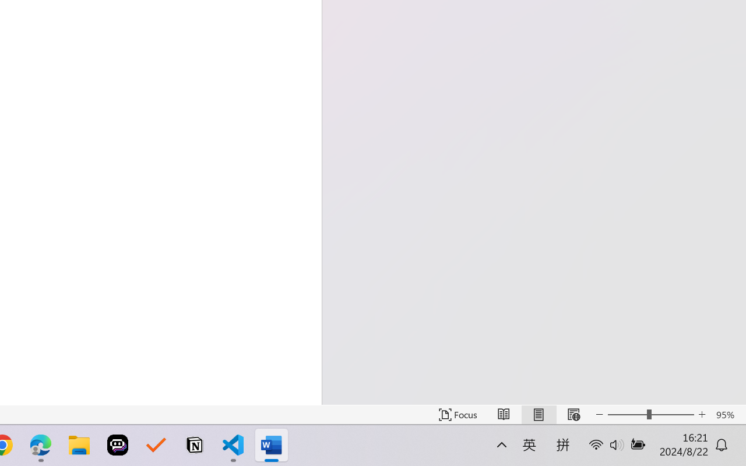 This screenshot has width=746, height=466. What do you see at coordinates (727, 414) in the screenshot?
I see `'Zoom 95%'` at bounding box center [727, 414].